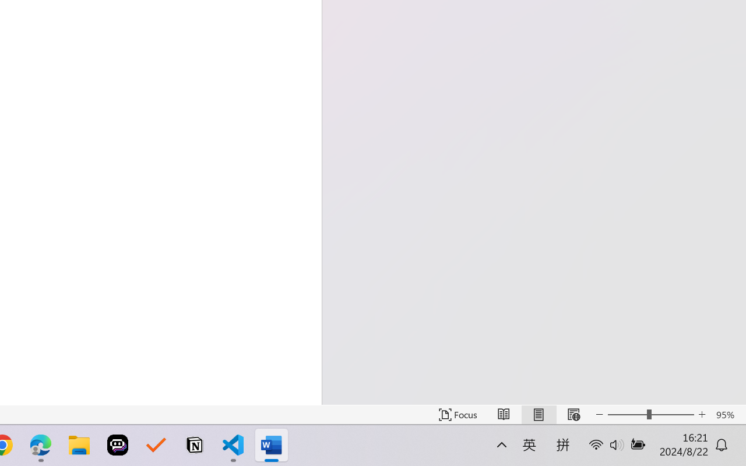 This screenshot has width=746, height=466. What do you see at coordinates (727, 414) in the screenshot?
I see `'Zoom 95%'` at bounding box center [727, 414].